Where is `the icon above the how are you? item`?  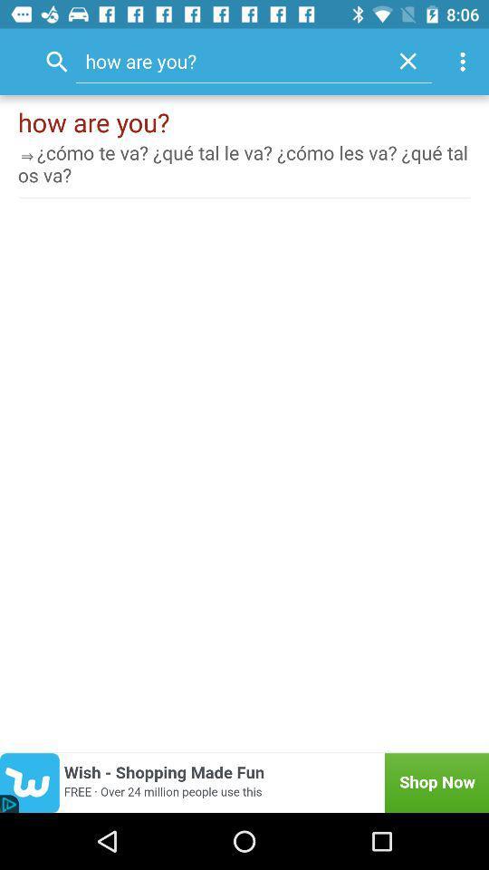 the icon above the how are you? item is located at coordinates (407, 61).